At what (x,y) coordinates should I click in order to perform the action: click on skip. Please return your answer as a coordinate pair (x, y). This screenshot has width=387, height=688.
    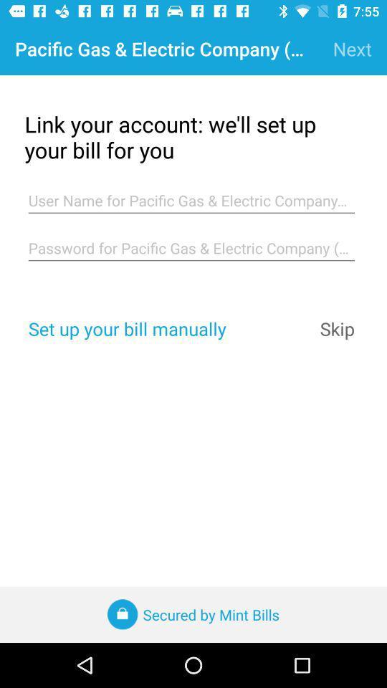
    Looking at the image, I should click on (337, 328).